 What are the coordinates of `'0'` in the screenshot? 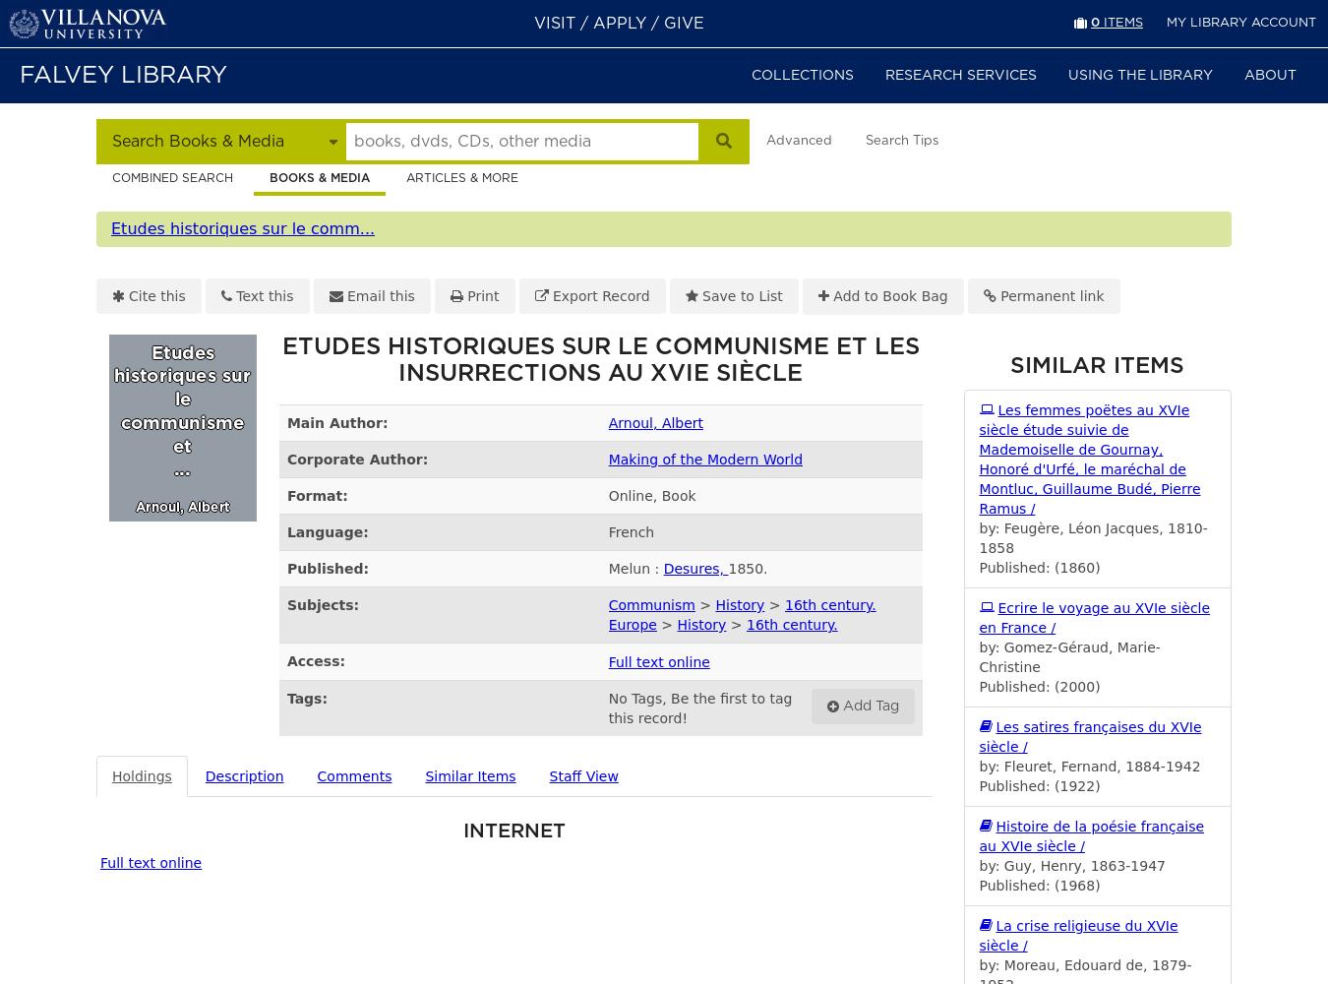 It's located at (1095, 23).